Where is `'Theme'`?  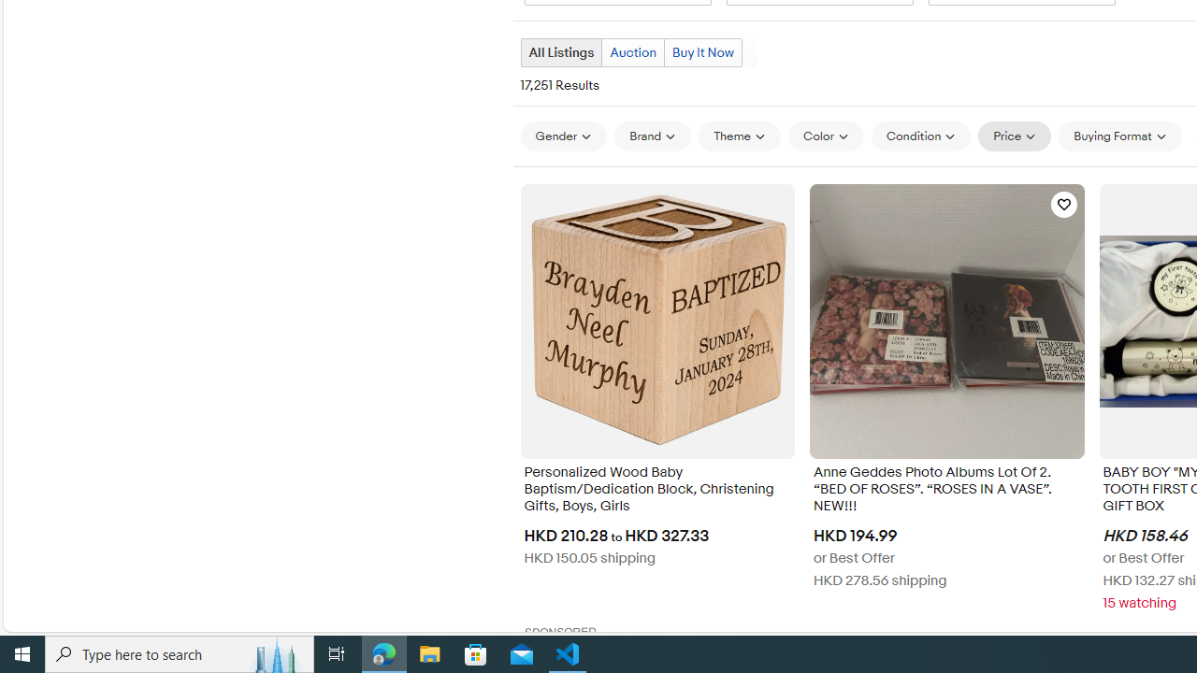
'Theme' is located at coordinates (739, 136).